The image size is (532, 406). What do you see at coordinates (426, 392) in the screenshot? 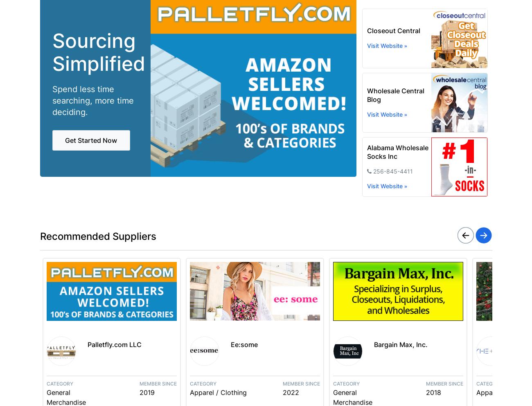
I see `'2018'` at bounding box center [426, 392].